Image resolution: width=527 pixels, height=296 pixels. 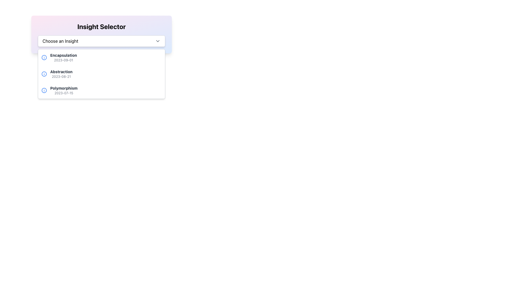 What do you see at coordinates (101, 74) in the screenshot?
I see `the 'Abstraction' menu item, which is the second item in the dropdown list labeled 'Choose an Insight'` at bounding box center [101, 74].